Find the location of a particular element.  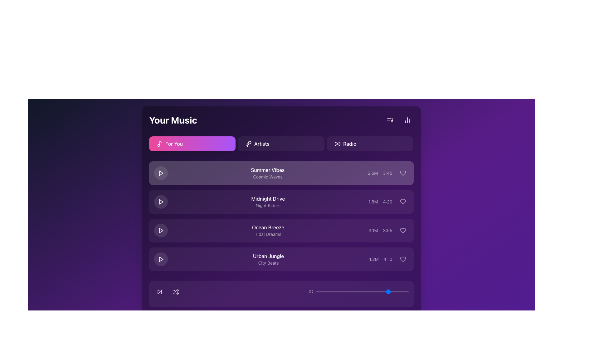

the music item text display located in the third row of the list is located at coordinates (268, 231).